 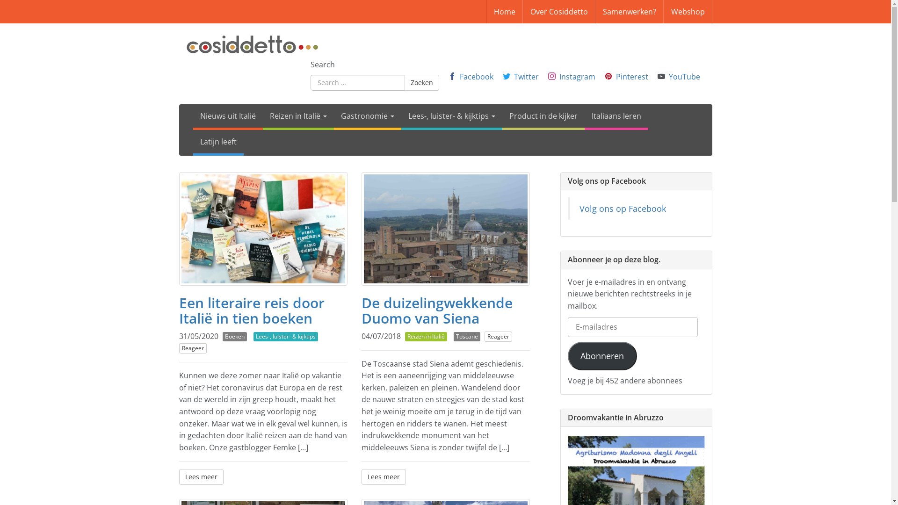 What do you see at coordinates (421, 82) in the screenshot?
I see `'Zoeken'` at bounding box center [421, 82].